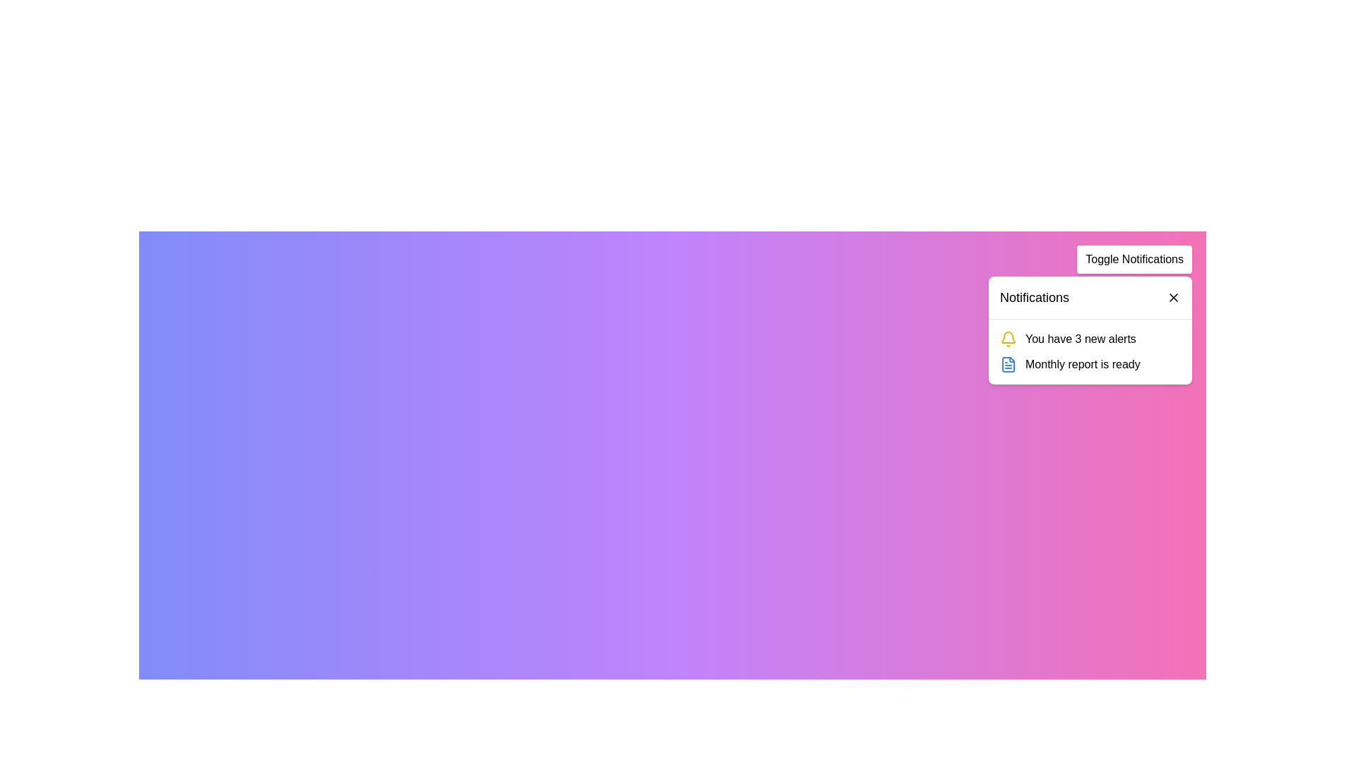 This screenshot has width=1356, height=762. What do you see at coordinates (1034, 296) in the screenshot?
I see `text label that displays 'Notifications' within the notification panel, positioned on the left side and aligned with the close button` at bounding box center [1034, 296].